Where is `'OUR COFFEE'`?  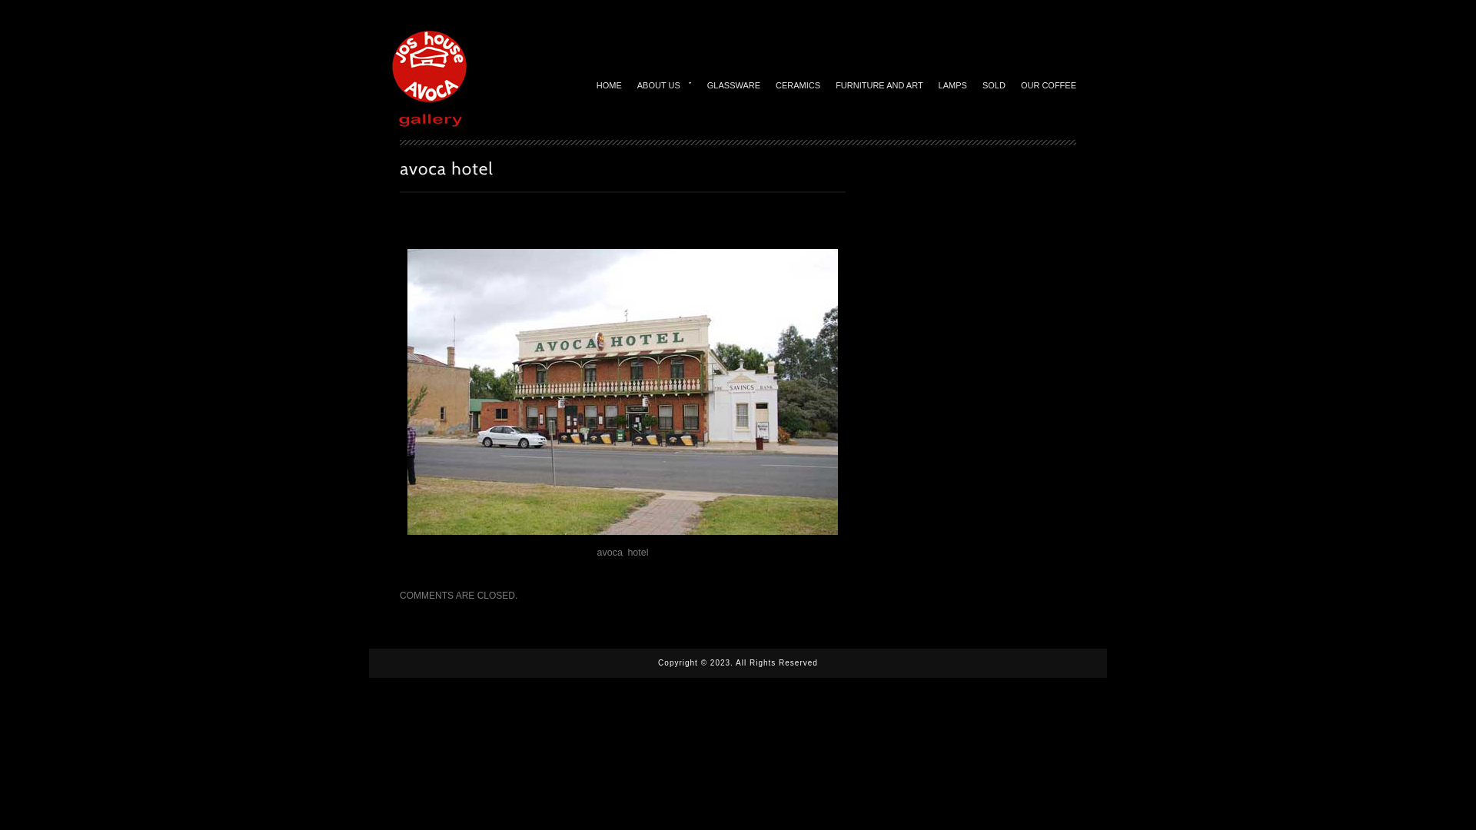 'OUR COFFEE' is located at coordinates (1047, 83).